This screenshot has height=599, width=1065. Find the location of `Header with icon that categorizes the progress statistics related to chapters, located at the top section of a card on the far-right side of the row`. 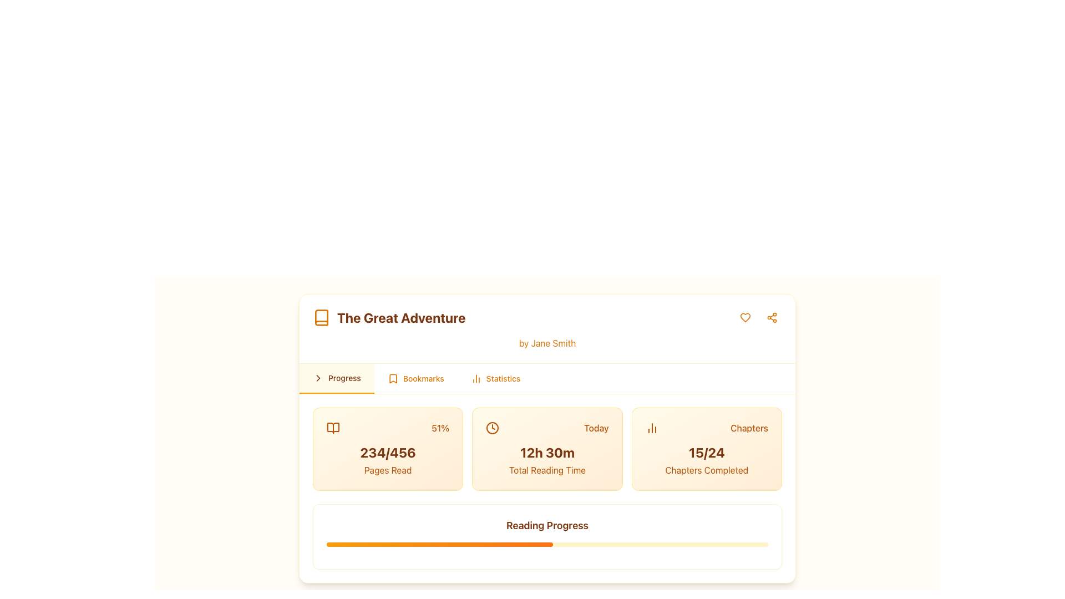

Header with icon that categorizes the progress statistics related to chapters, located at the top section of a card on the far-right side of the row is located at coordinates (706, 427).